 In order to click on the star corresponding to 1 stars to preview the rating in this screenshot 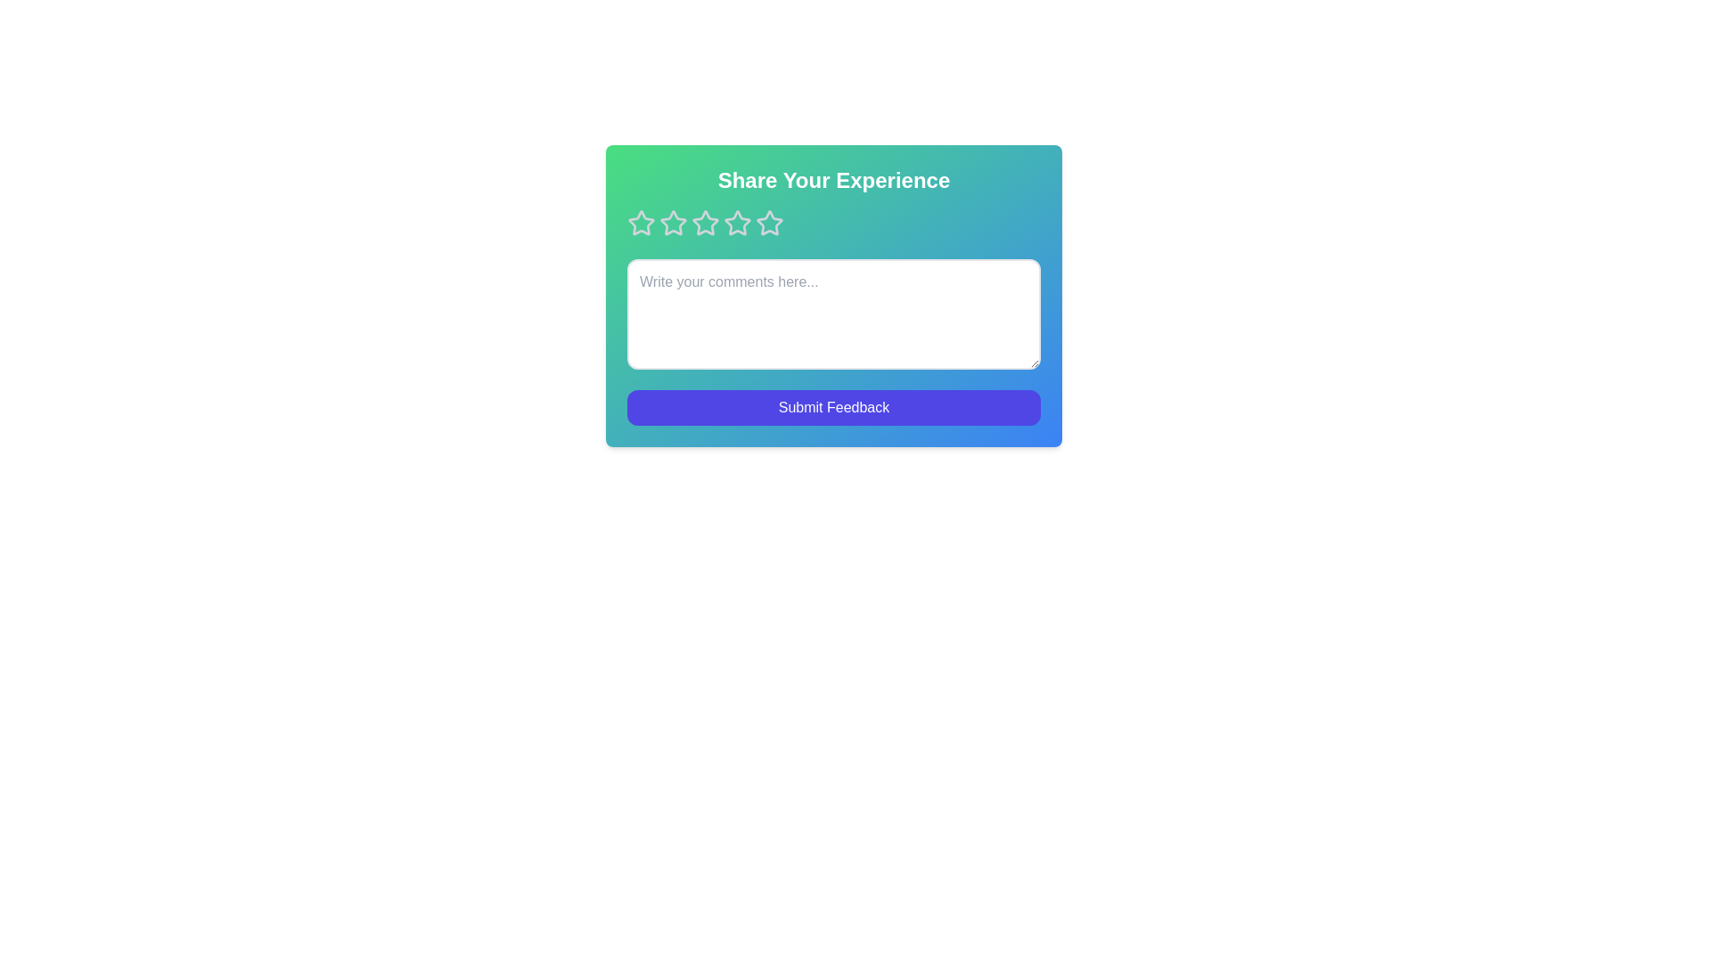, I will do `click(642, 222)`.